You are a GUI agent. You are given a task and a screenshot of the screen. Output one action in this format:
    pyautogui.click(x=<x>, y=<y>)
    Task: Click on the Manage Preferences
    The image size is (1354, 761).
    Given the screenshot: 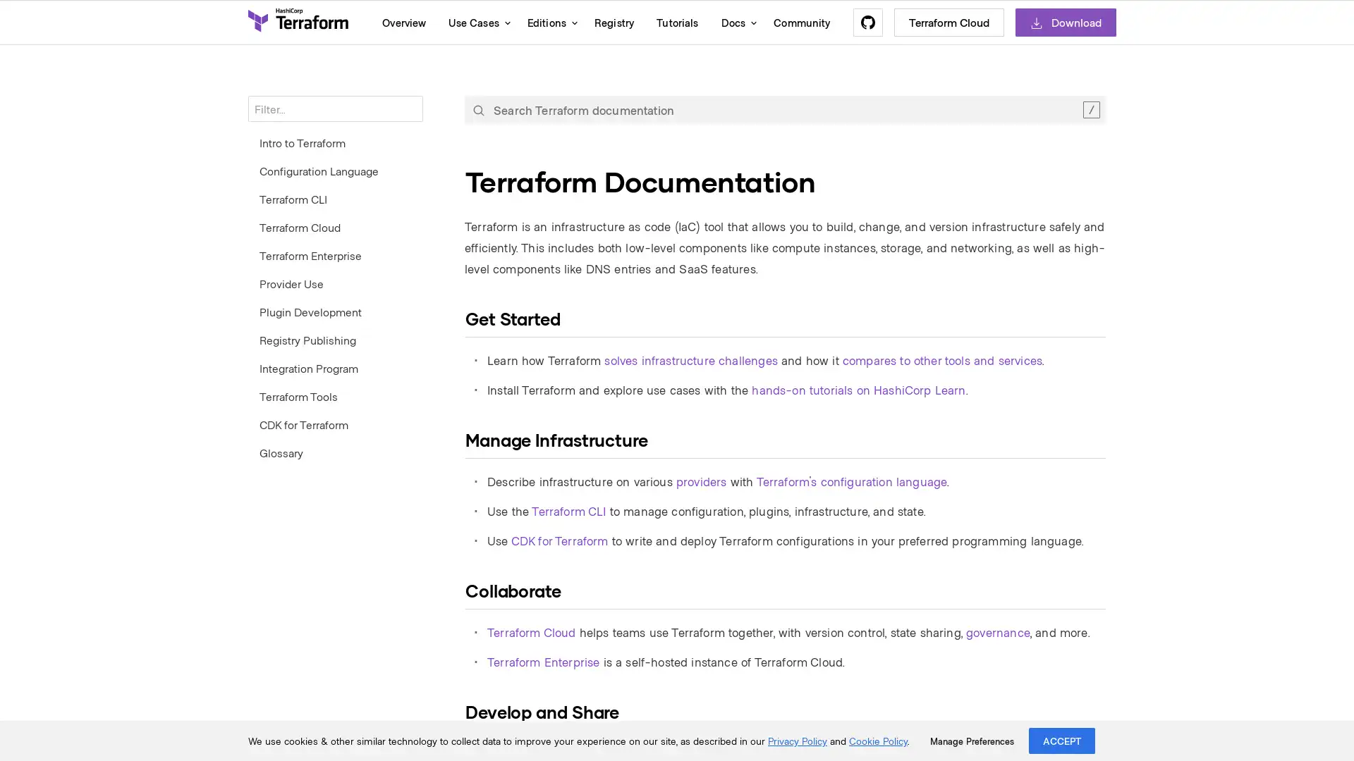 What is the action you would take?
    pyautogui.click(x=971, y=741)
    